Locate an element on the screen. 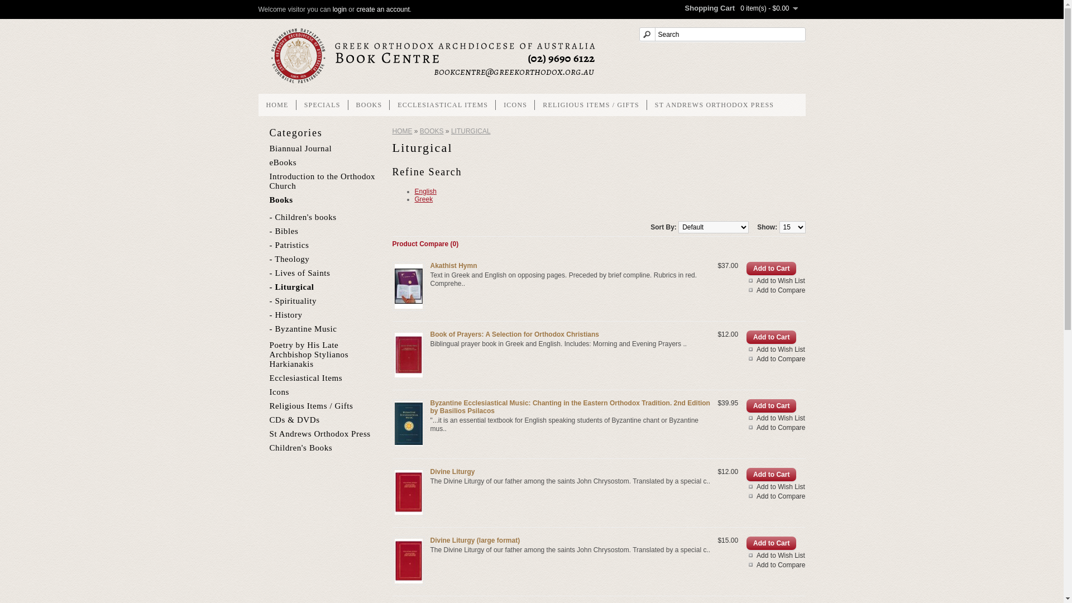 Image resolution: width=1072 pixels, height=603 pixels. 'login' is located at coordinates (339, 9).